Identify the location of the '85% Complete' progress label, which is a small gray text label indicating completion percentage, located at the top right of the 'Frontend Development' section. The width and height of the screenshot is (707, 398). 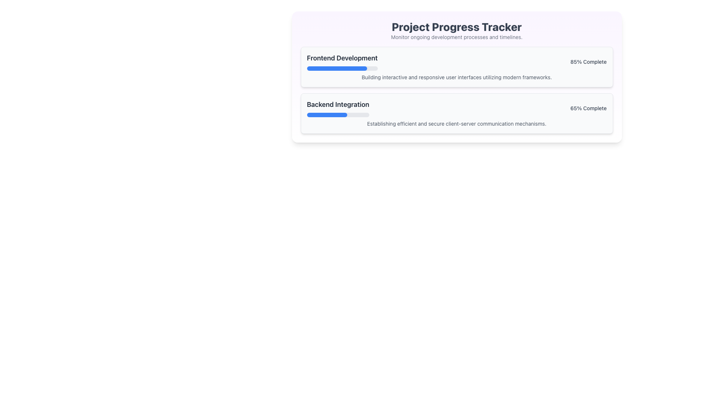
(588, 62).